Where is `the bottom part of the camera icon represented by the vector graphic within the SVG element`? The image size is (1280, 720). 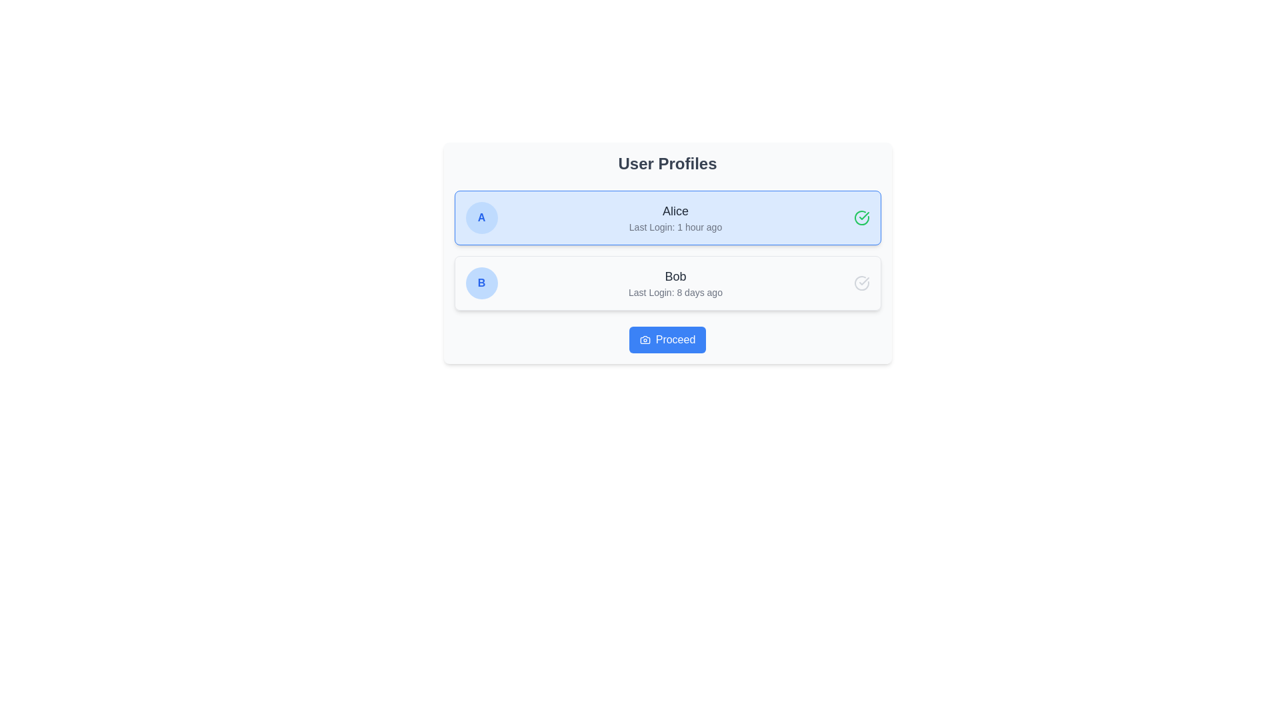 the bottom part of the camera icon represented by the vector graphic within the SVG element is located at coordinates (645, 339).